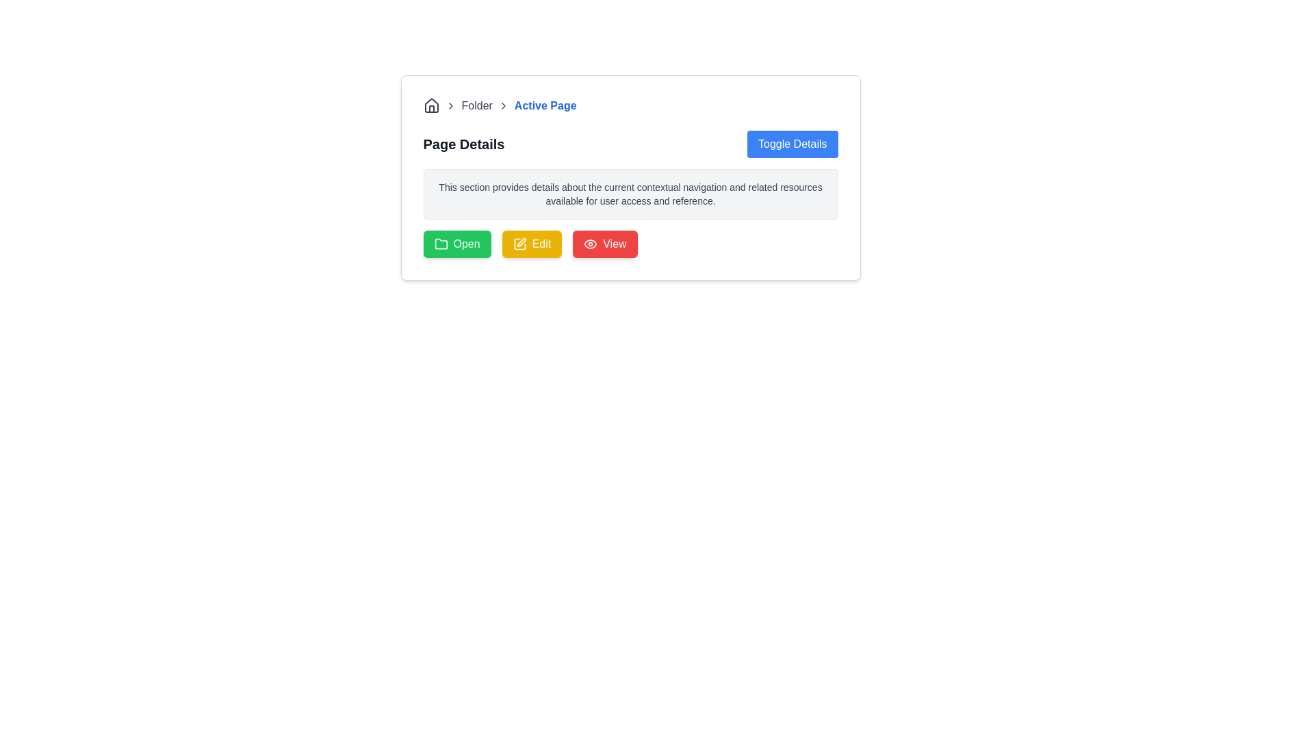 This screenshot has height=739, width=1314. Describe the element at coordinates (591, 244) in the screenshot. I see `the visibility toggle icon located in the top section of the interface, adjacent to breadcrumb navigation and above the 'Page Details' section` at that location.